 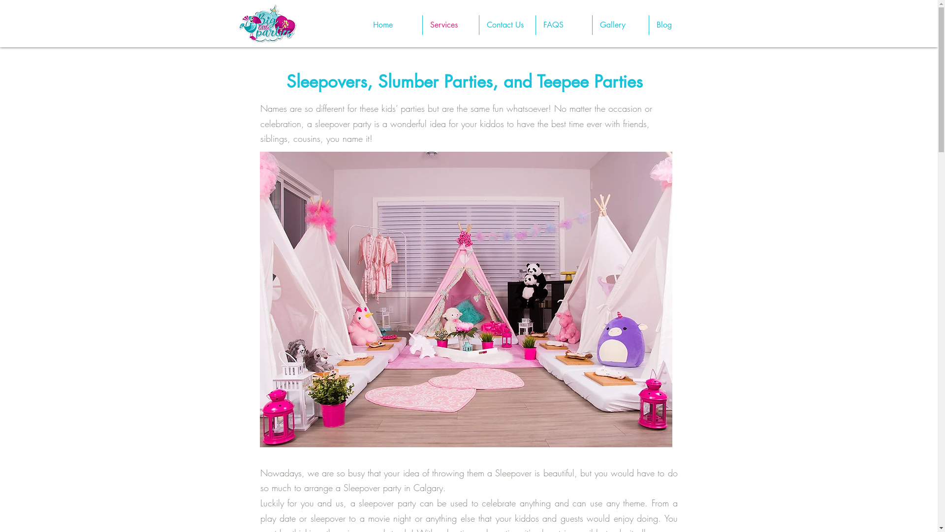 What do you see at coordinates (450, 24) in the screenshot?
I see `'Services'` at bounding box center [450, 24].